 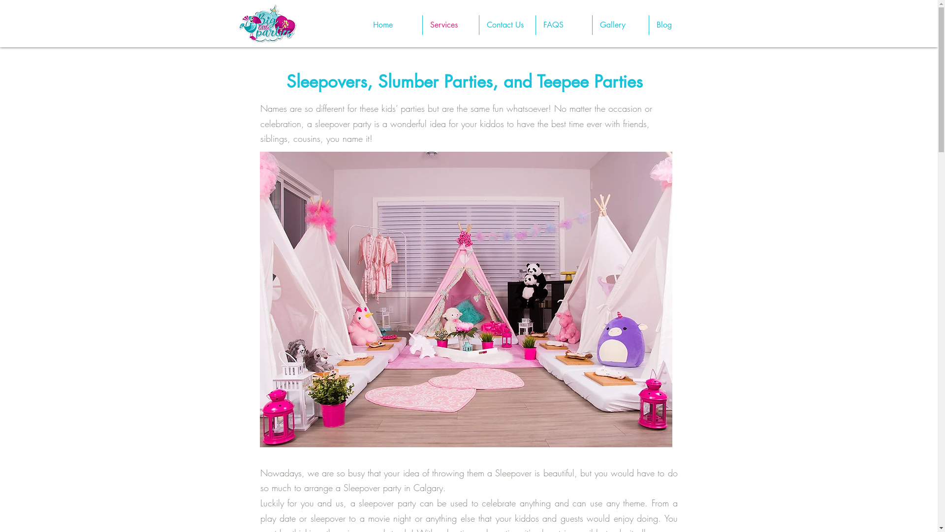 What do you see at coordinates (450, 24) in the screenshot?
I see `'Services'` at bounding box center [450, 24].